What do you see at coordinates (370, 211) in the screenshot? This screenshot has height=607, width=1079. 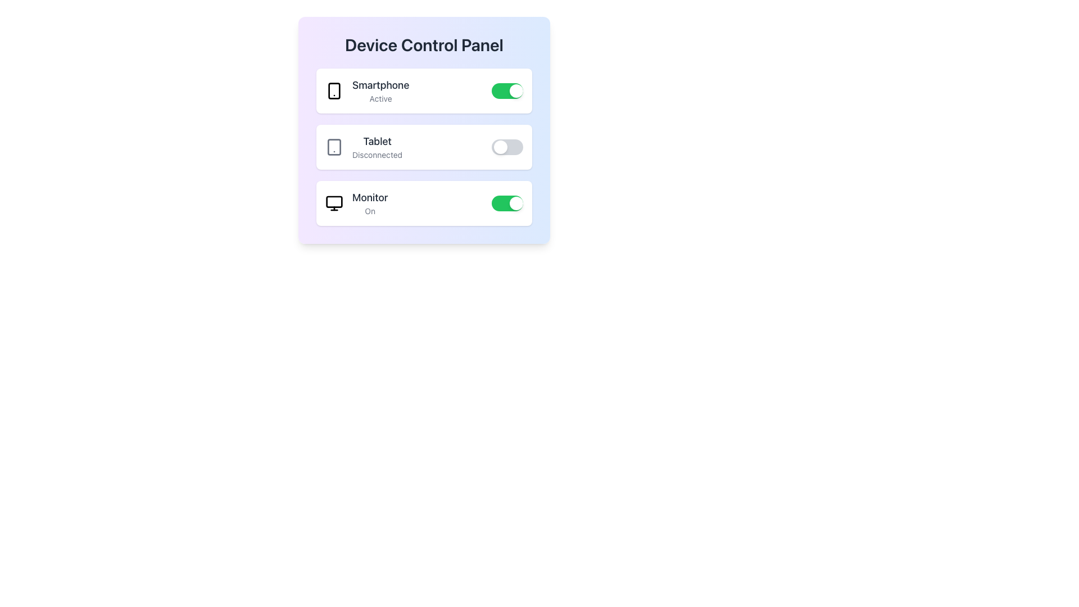 I see `the text label displaying 'On' in light gray color located beneath the title 'Monitor' within the control panel` at bounding box center [370, 211].